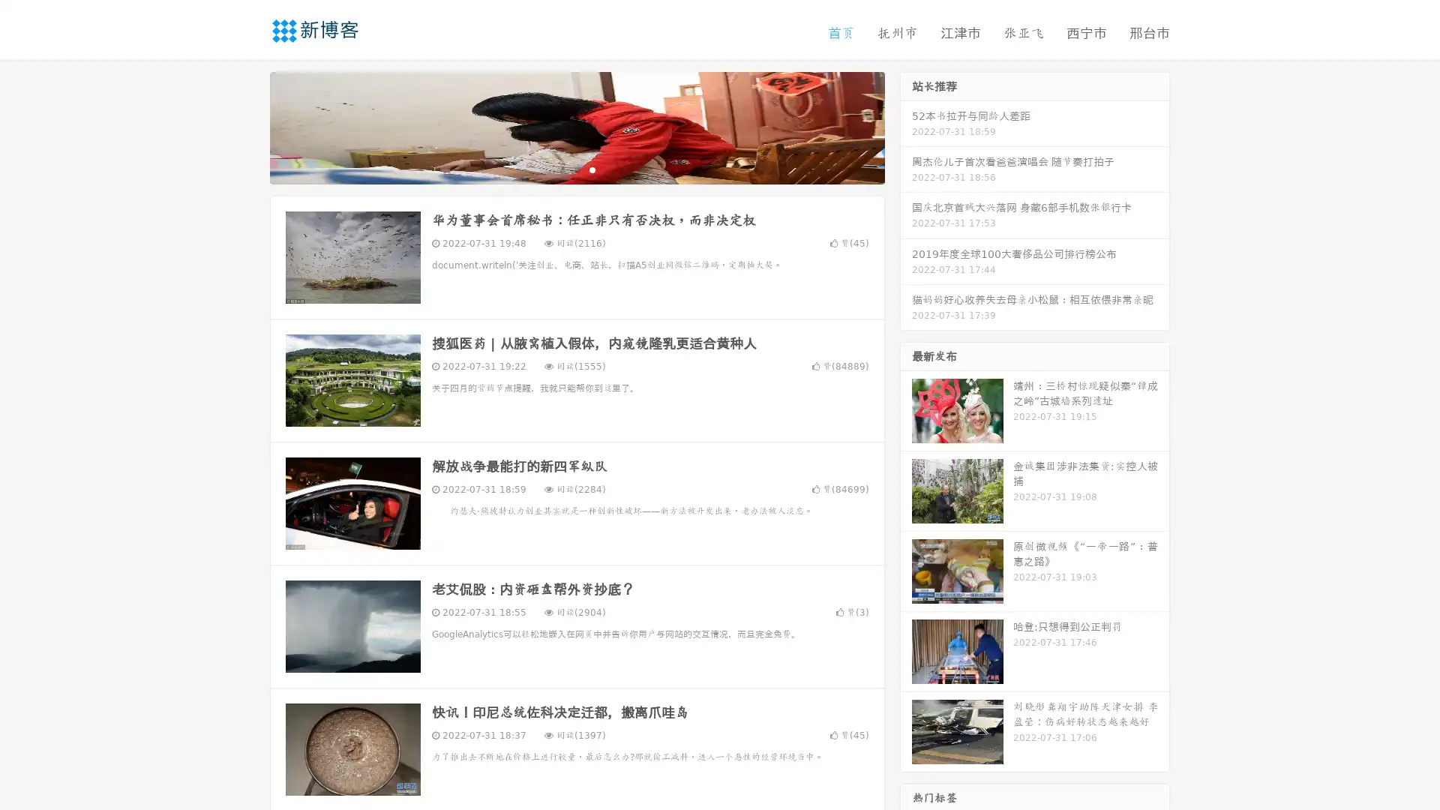 This screenshot has width=1440, height=810. What do you see at coordinates (906, 126) in the screenshot?
I see `Next slide` at bounding box center [906, 126].